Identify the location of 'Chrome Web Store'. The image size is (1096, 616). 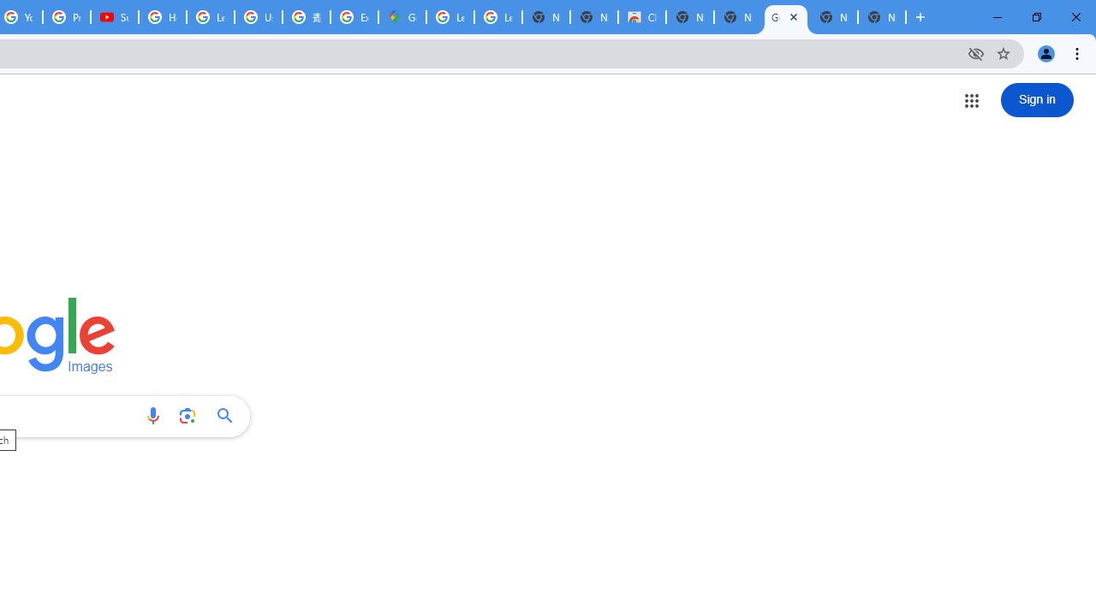
(641, 17).